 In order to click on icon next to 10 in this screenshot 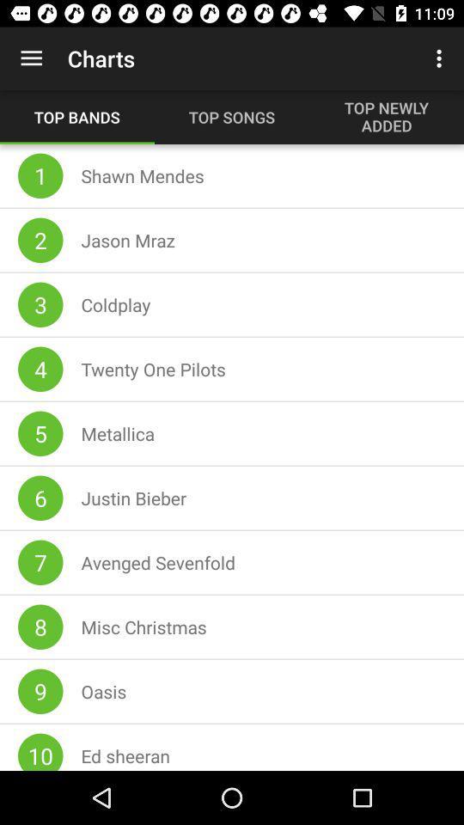, I will do `click(125, 755)`.